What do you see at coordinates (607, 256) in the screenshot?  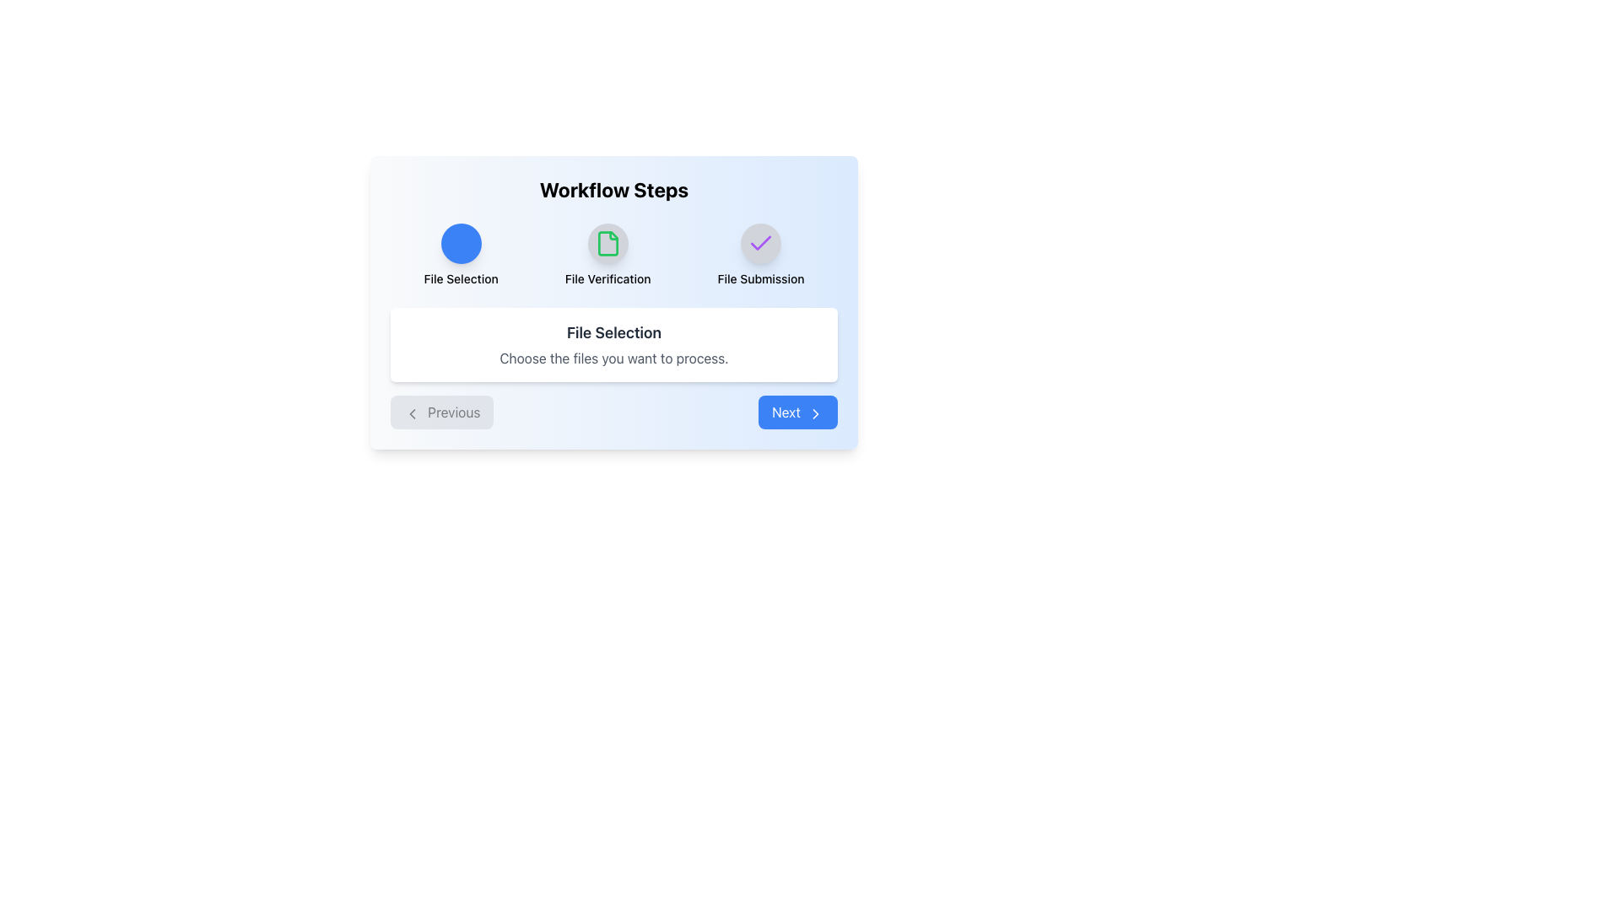 I see `the 'File Verification' step icon in the workflow steps` at bounding box center [607, 256].